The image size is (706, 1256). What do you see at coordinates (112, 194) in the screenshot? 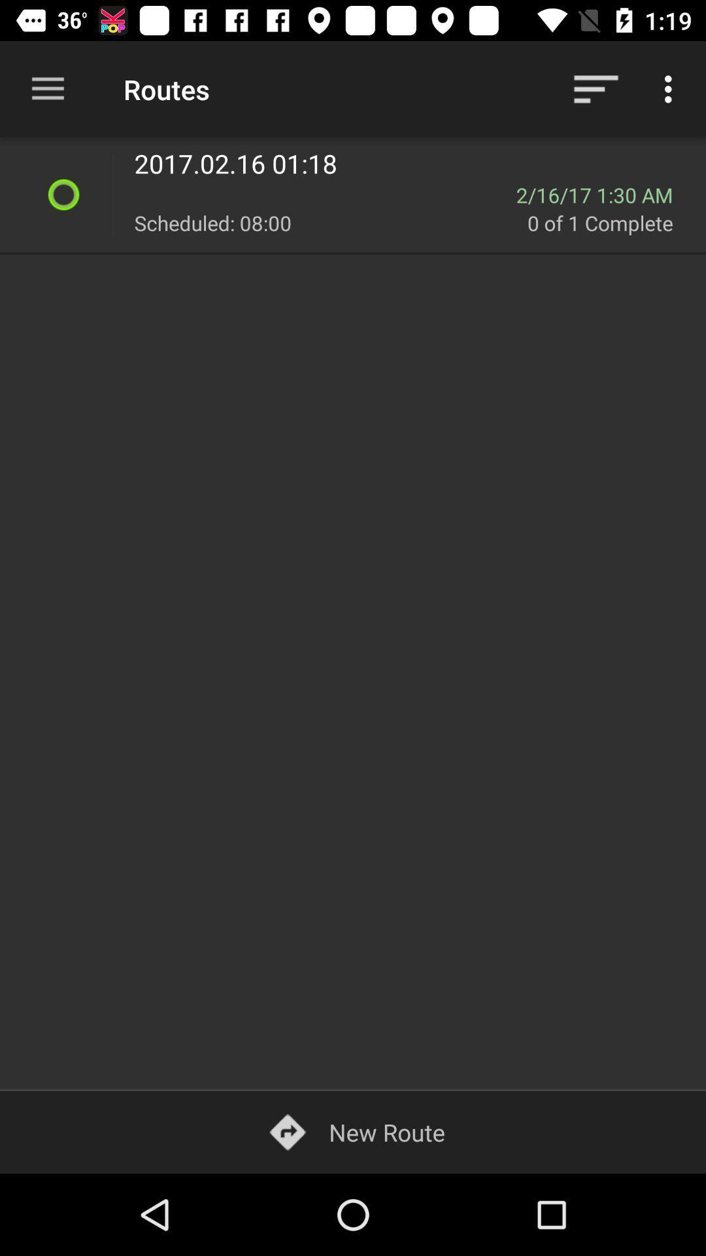
I see `icon next to the 2017 02 16 item` at bounding box center [112, 194].